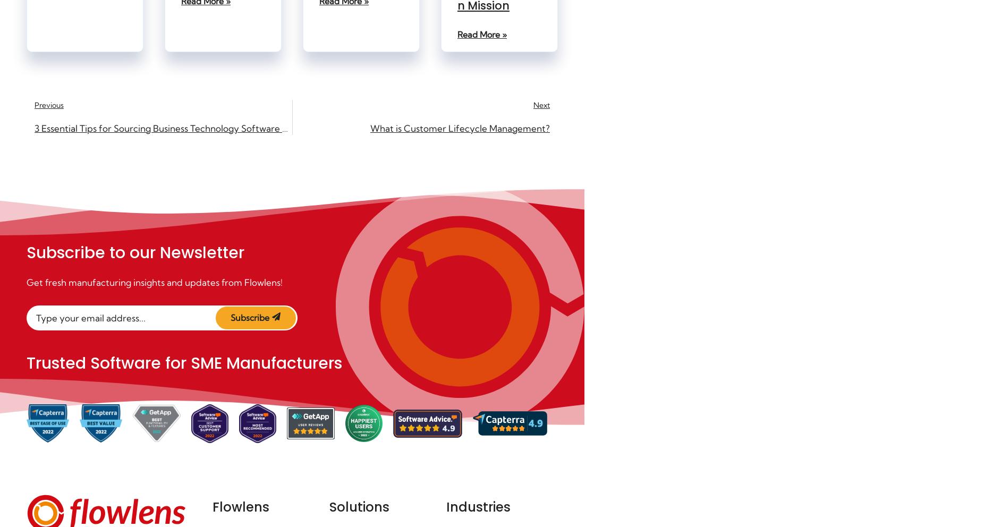 Image resolution: width=993 pixels, height=527 pixels. What do you see at coordinates (460, 127) in the screenshot?
I see `'What is Customer Lifecycle Management?'` at bounding box center [460, 127].